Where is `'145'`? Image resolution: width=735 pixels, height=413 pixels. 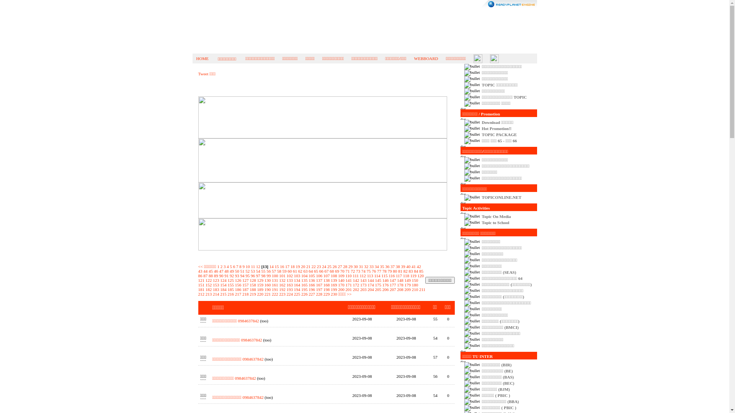 '145' is located at coordinates (378, 280).